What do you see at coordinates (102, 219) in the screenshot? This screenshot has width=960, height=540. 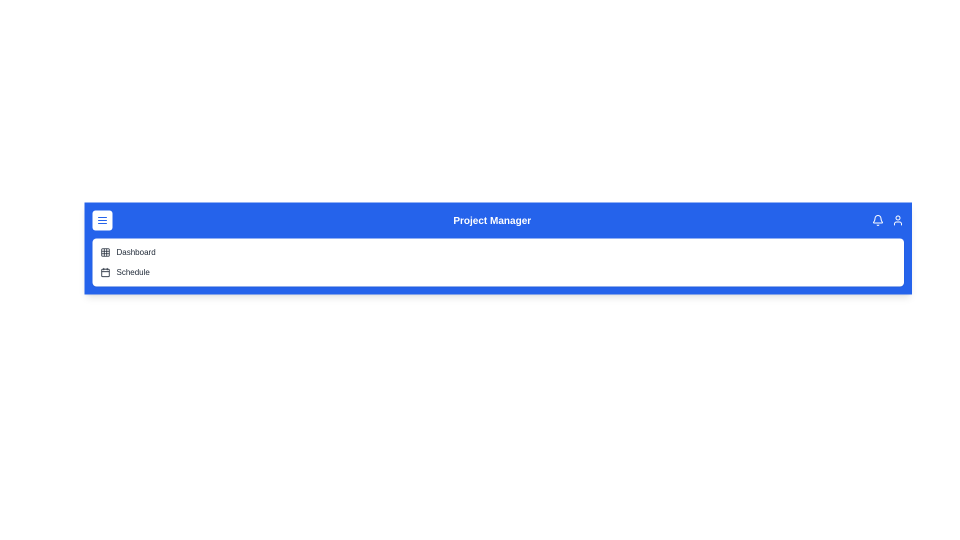 I see `the menu toggle button to toggle the menu visibility` at bounding box center [102, 219].